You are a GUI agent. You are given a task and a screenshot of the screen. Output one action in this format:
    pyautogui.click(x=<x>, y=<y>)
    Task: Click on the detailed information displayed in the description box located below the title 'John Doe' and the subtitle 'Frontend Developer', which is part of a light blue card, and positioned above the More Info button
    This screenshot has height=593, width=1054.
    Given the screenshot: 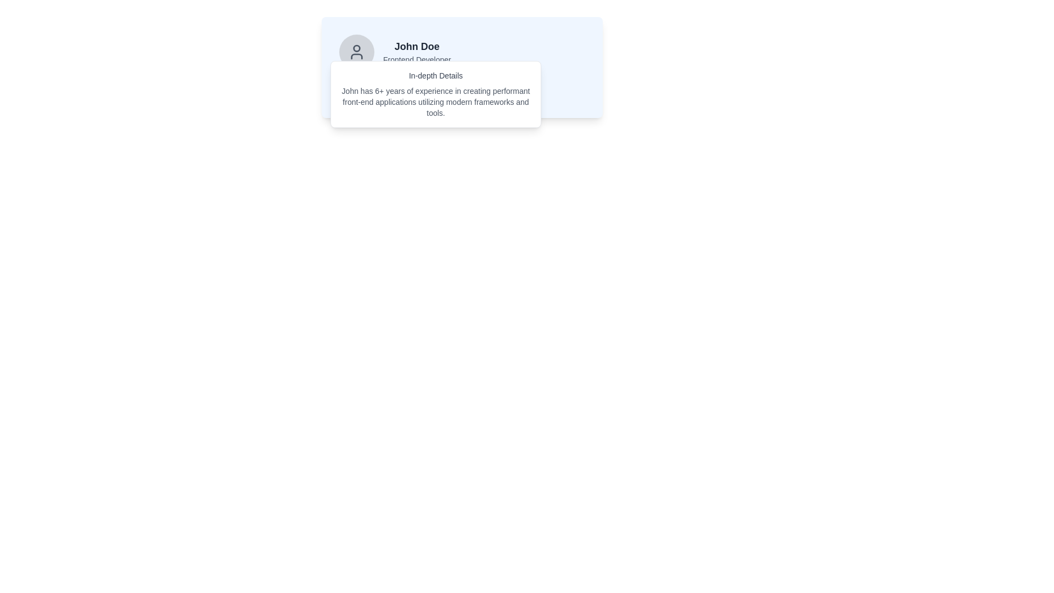 What is the action you would take?
    pyautogui.click(x=462, y=68)
    